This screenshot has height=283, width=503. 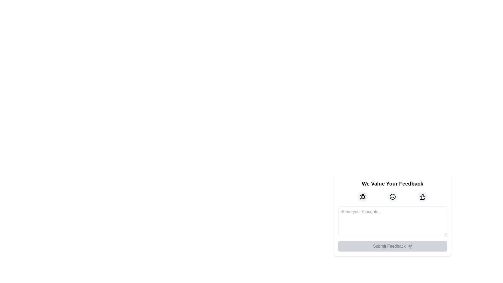 I want to click on the 'Submit Feedback' button, which is a rectangular button with a light gray background and rounded corners, so click(x=392, y=246).